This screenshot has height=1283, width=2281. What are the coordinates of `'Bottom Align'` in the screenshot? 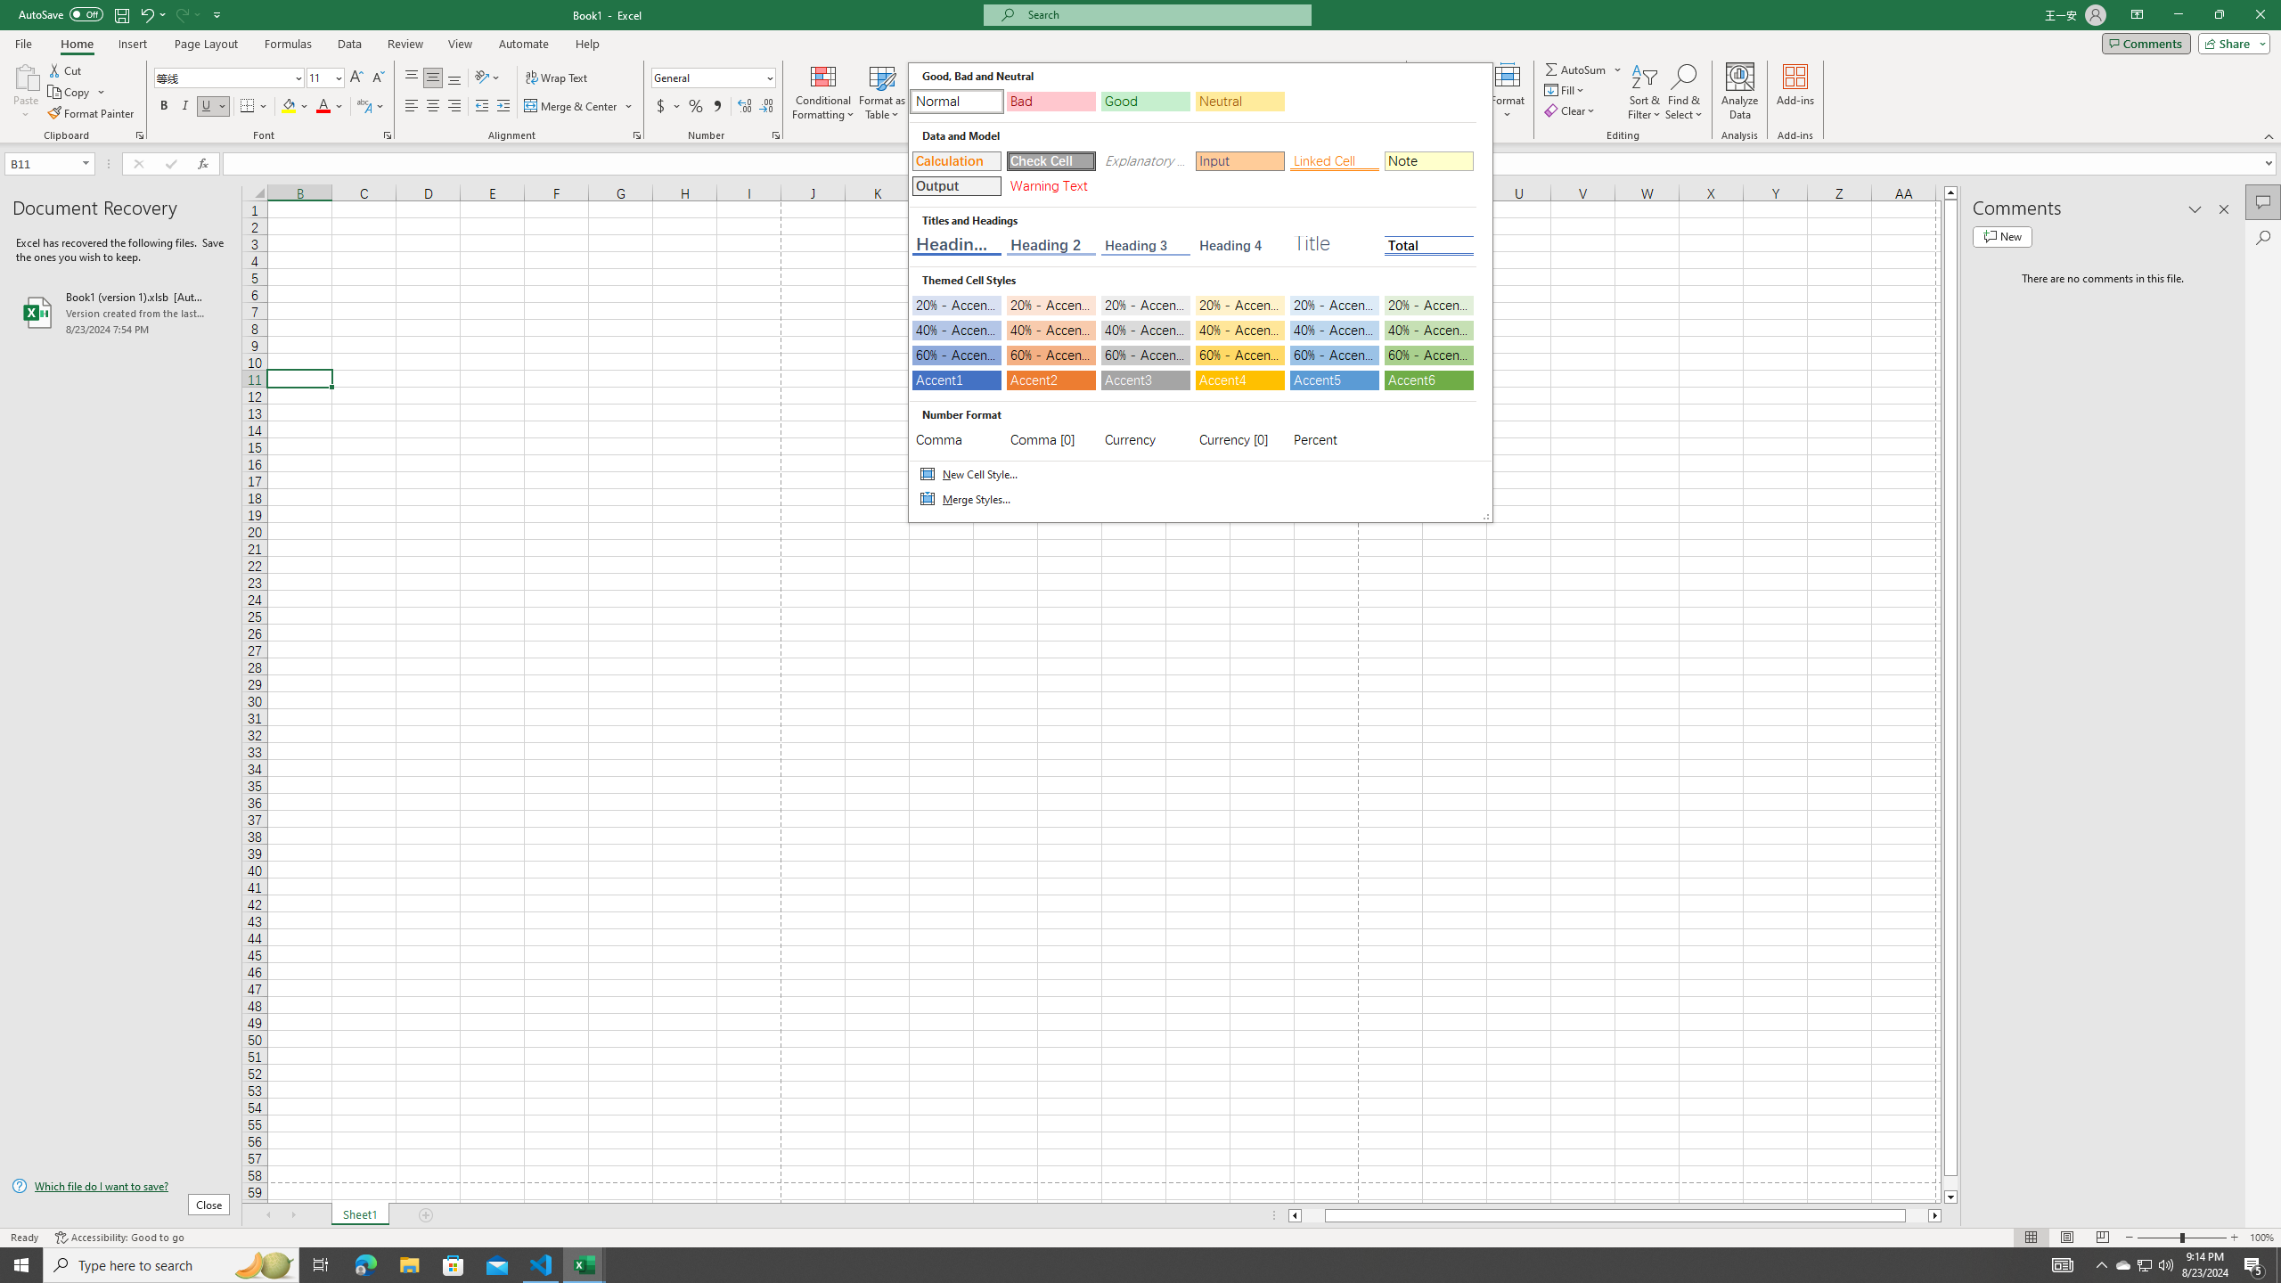 It's located at (454, 78).